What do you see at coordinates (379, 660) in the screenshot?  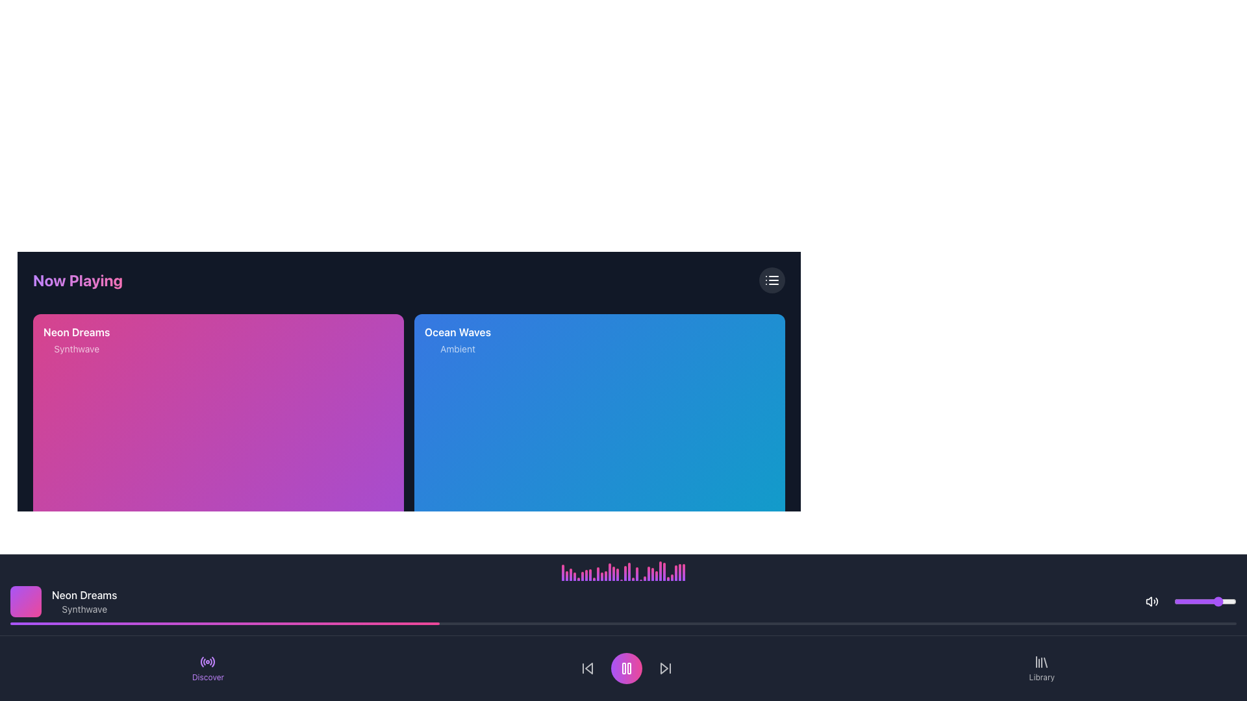 I see `the play button located at the far right of the interface to change its appearance, which initiates playback for the audio content` at bounding box center [379, 660].